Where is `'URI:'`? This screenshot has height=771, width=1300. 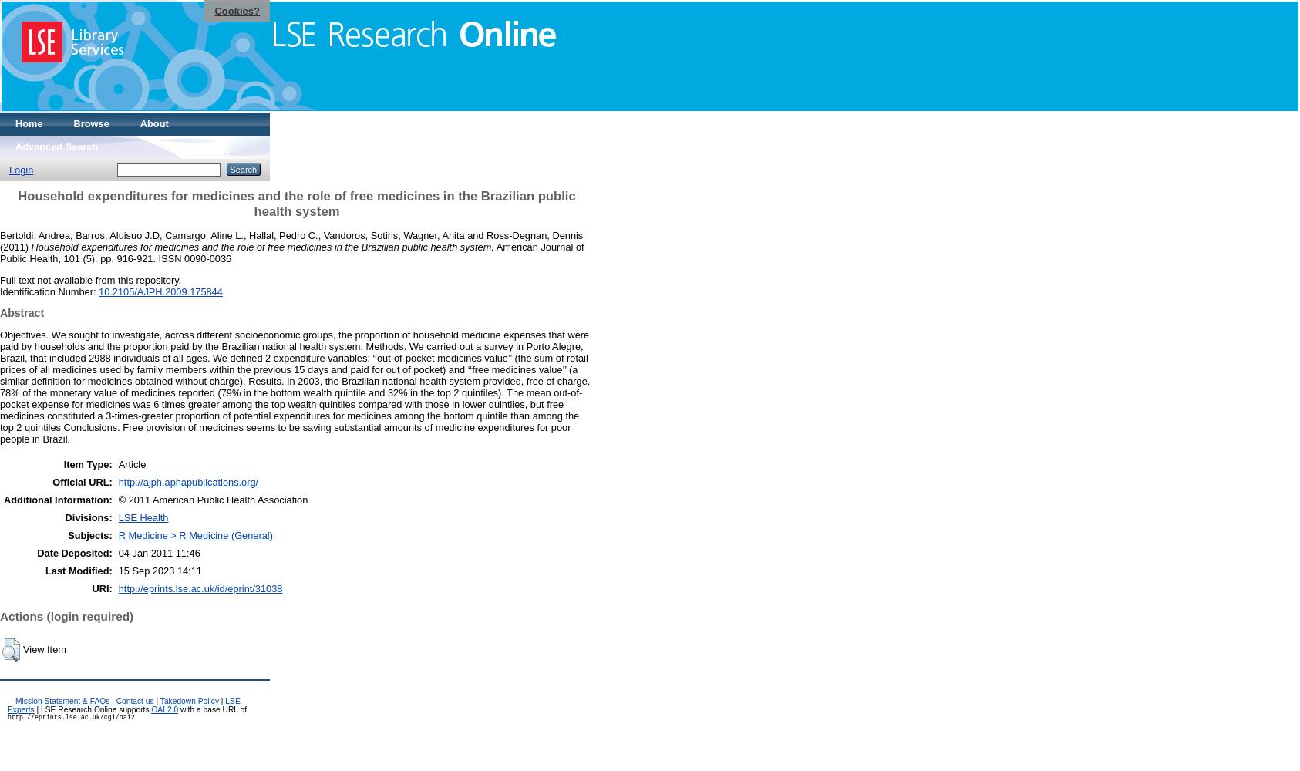 'URI:' is located at coordinates (91, 588).